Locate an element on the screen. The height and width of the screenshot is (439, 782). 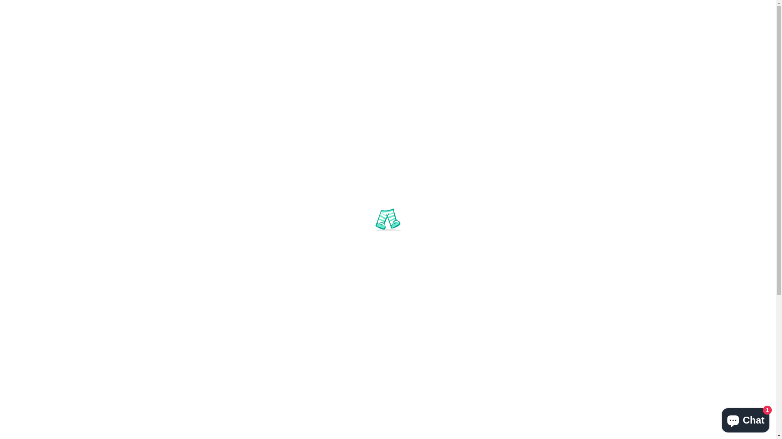
'INSTAGRAM' is located at coordinates (66, 8).